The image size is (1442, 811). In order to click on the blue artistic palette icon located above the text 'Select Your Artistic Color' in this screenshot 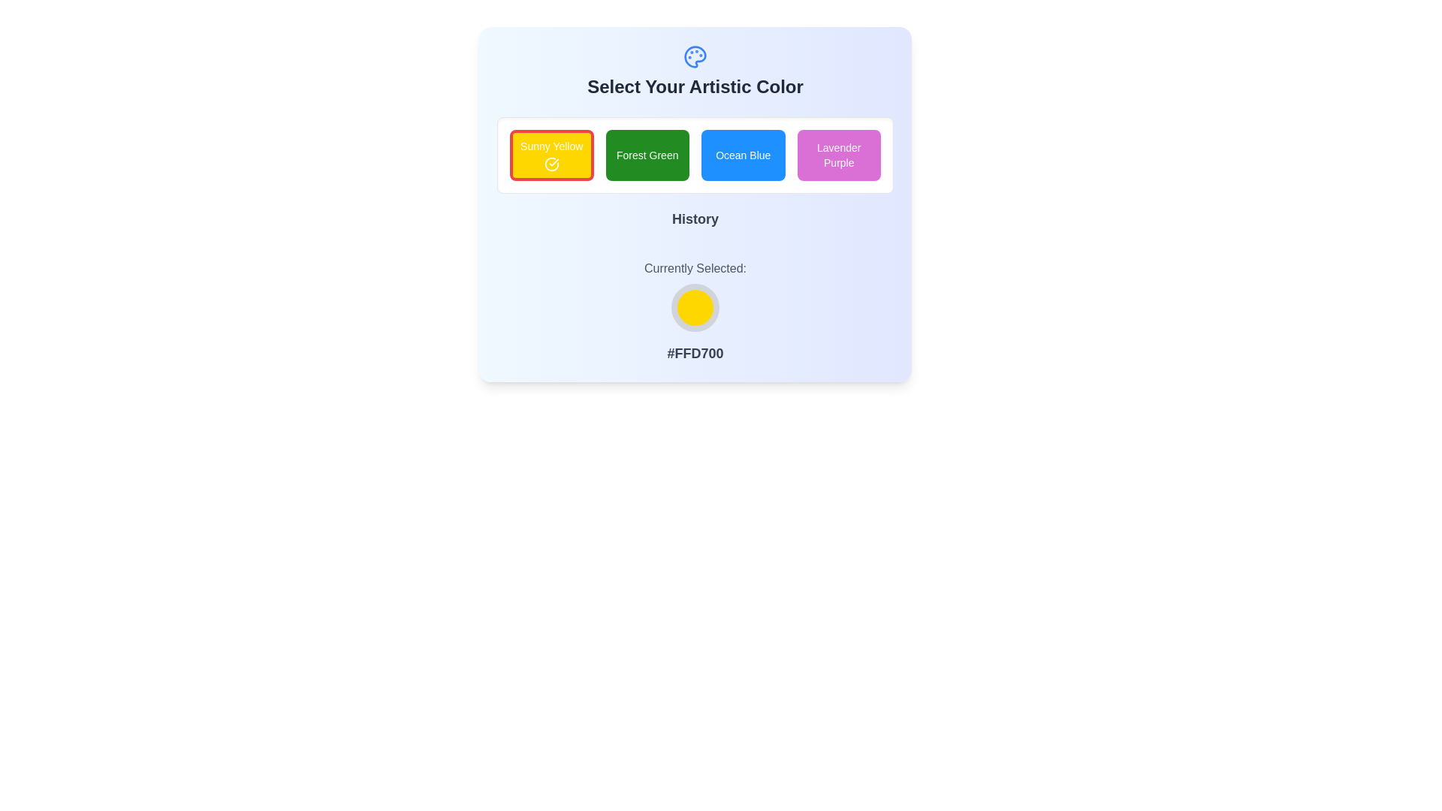, I will do `click(695, 56)`.